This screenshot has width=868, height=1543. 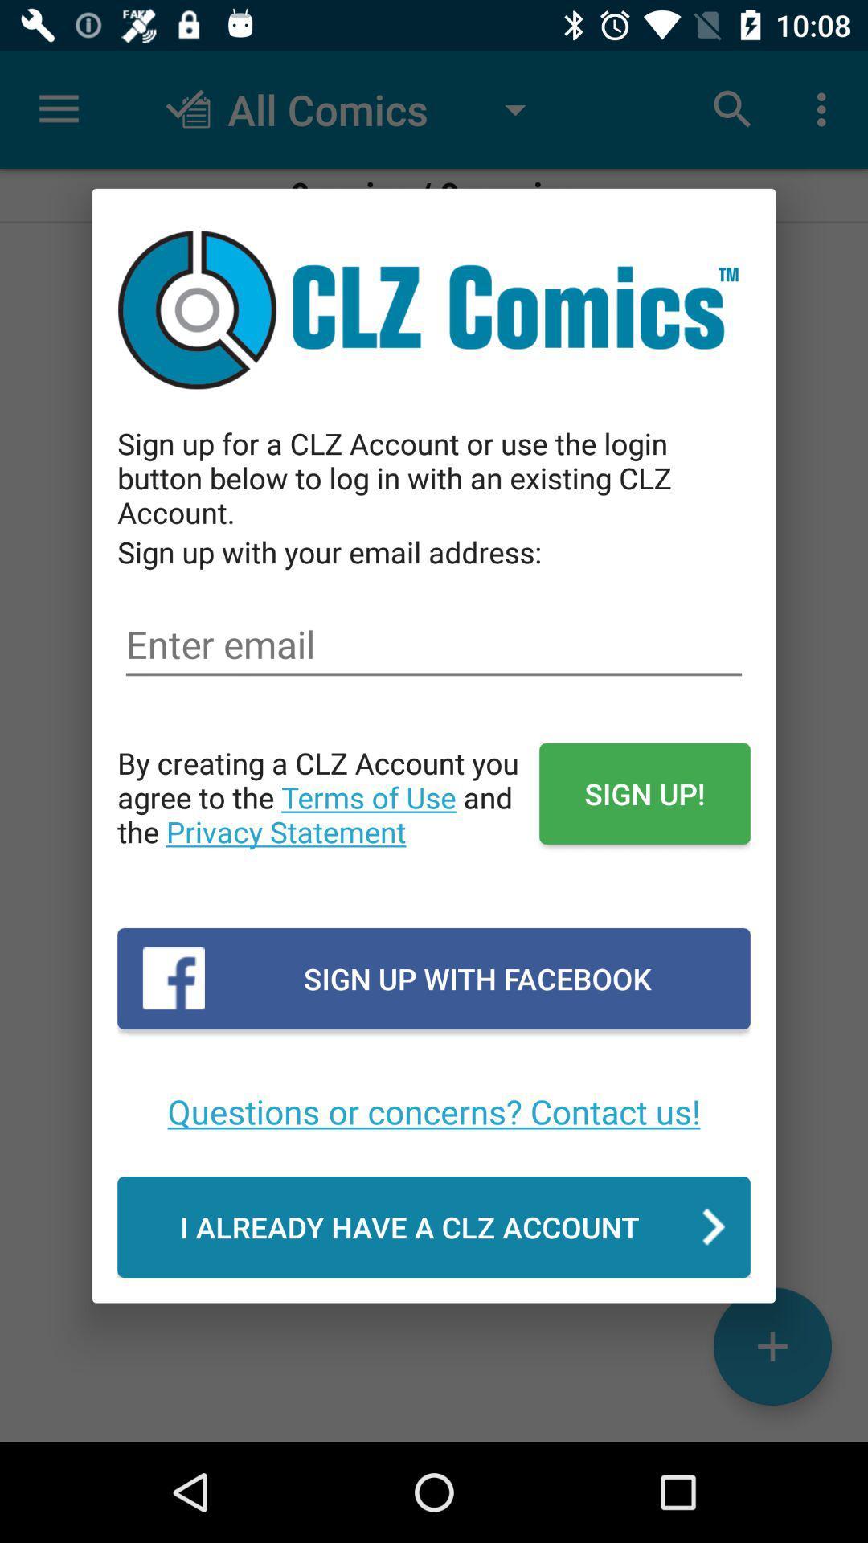 I want to click on the item to the left of sign up!, so click(x=327, y=814).